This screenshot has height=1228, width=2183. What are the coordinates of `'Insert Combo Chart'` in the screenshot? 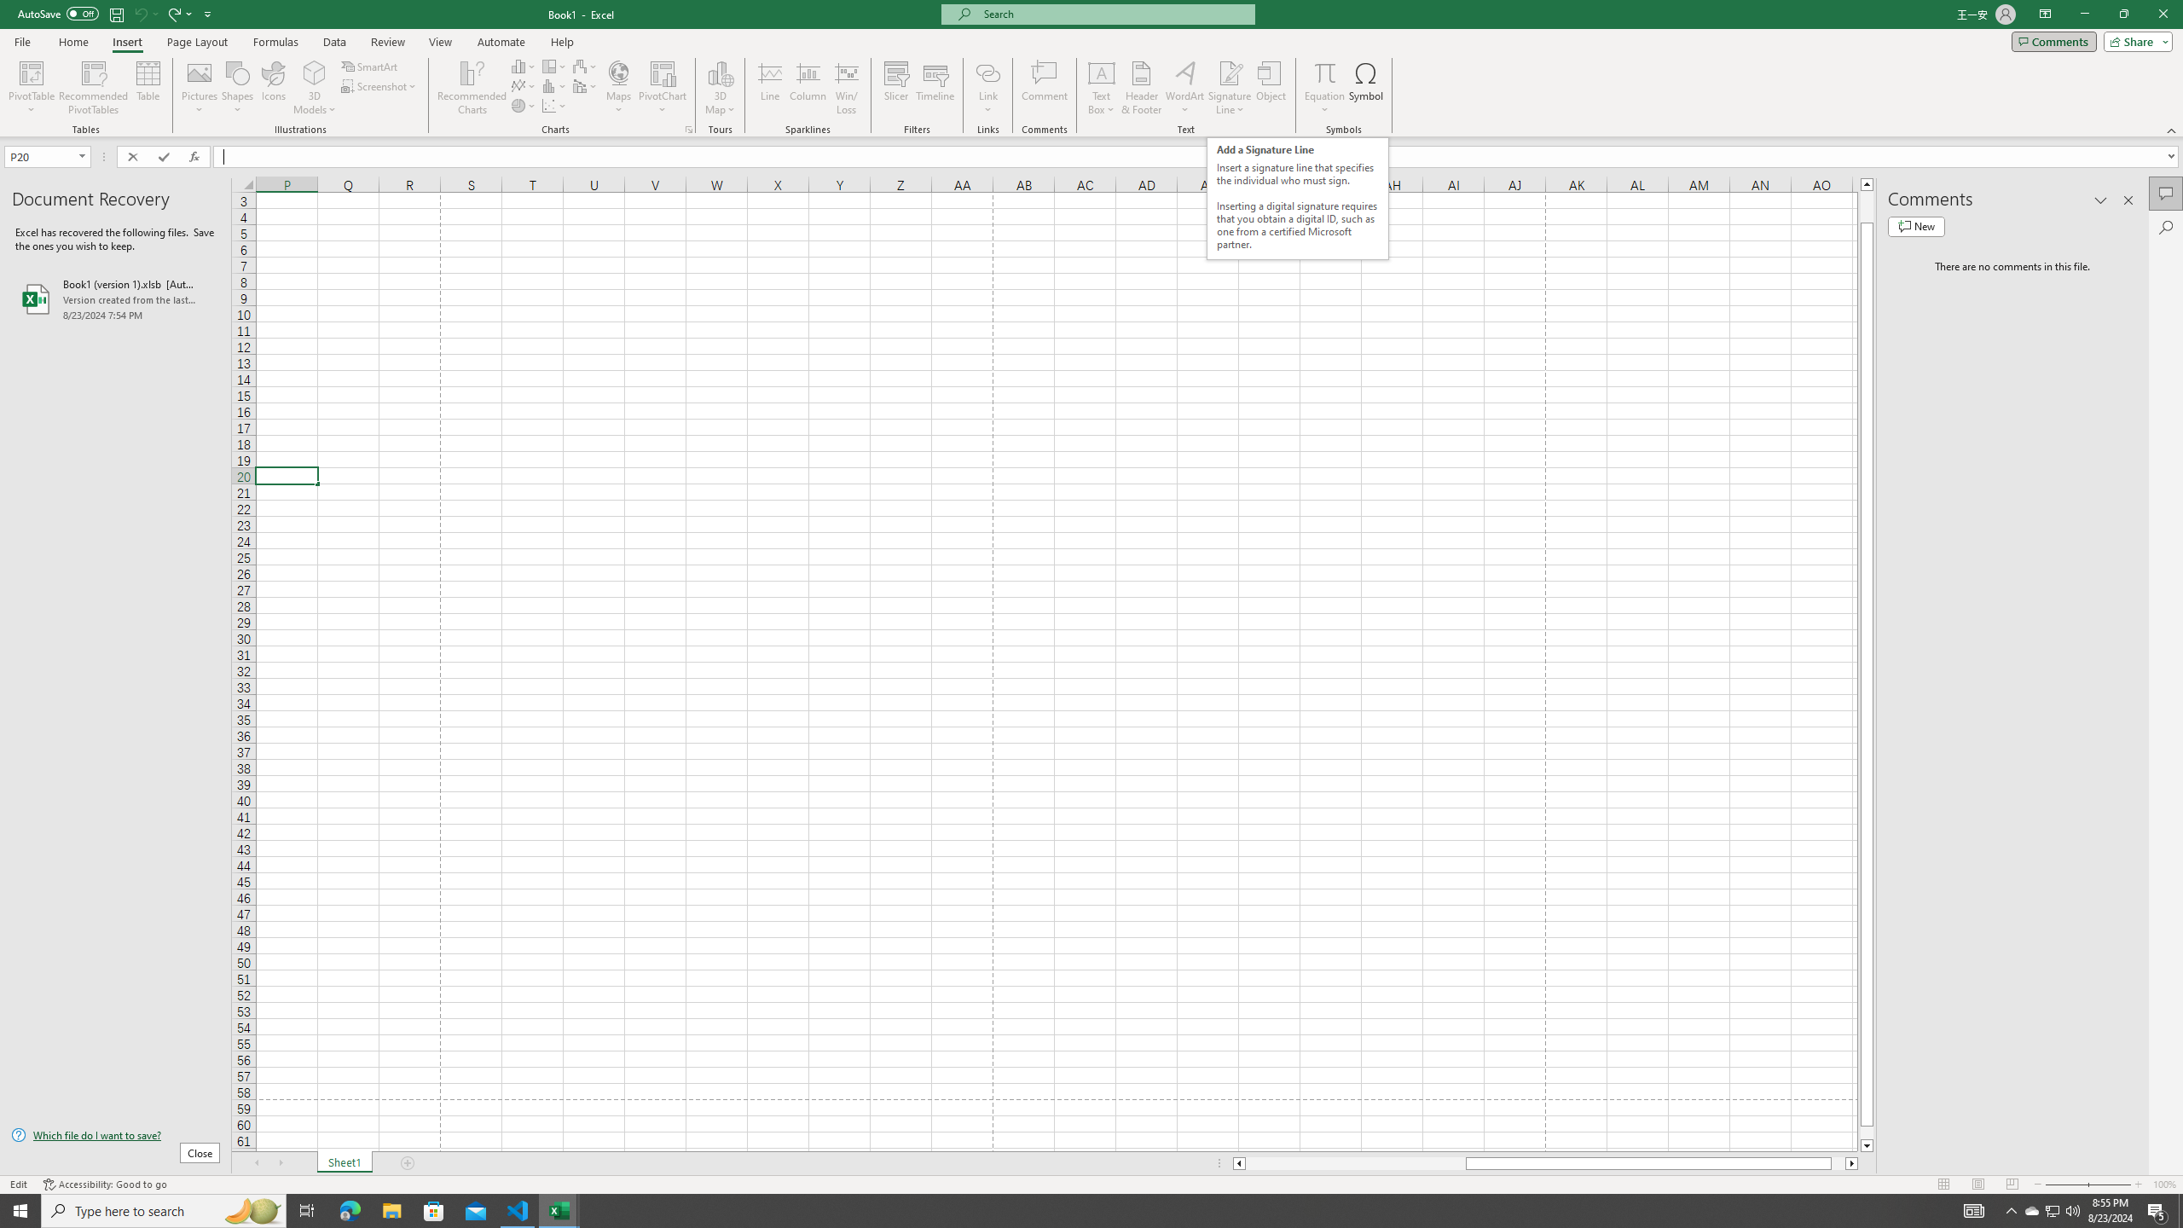 It's located at (584, 84).